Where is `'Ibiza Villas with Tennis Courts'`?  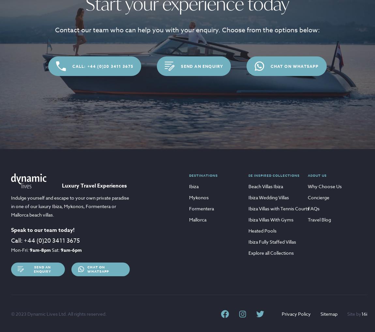 'Ibiza Villas with Tennis Courts' is located at coordinates (278, 208).